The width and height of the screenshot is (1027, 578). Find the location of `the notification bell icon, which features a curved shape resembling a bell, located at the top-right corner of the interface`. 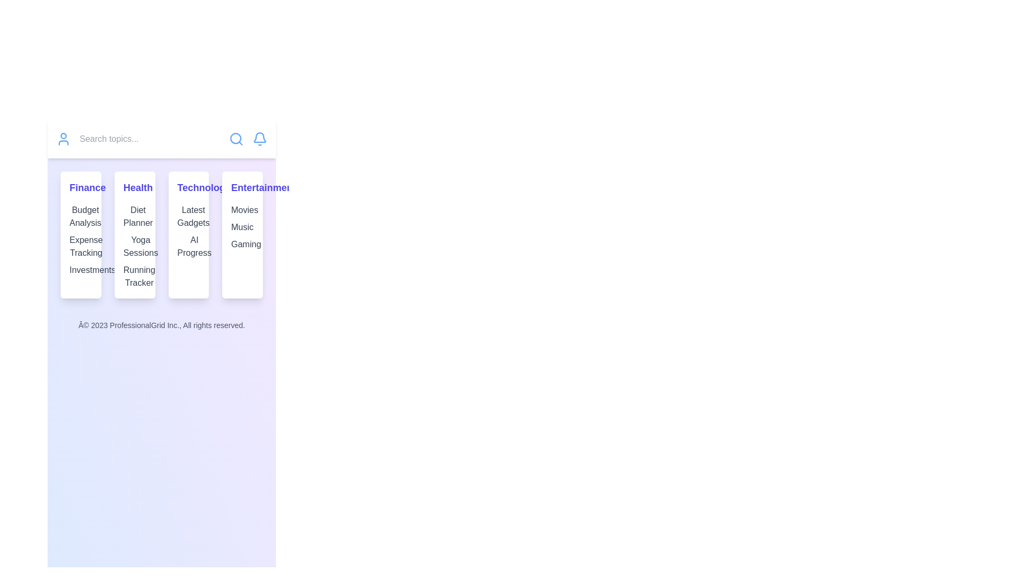

the notification bell icon, which features a curved shape resembling a bell, located at the top-right corner of the interface is located at coordinates (259, 137).